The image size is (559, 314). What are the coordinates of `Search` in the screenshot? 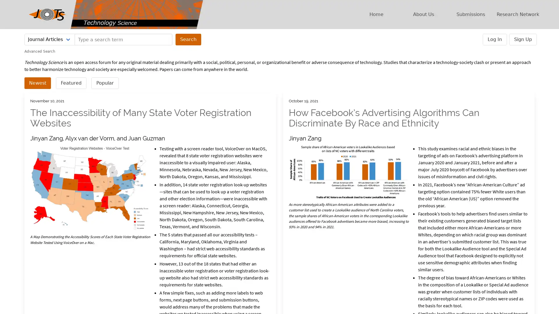 It's located at (188, 39).